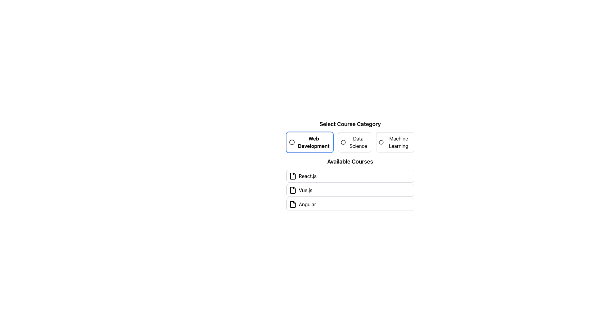 The image size is (590, 332). Describe the element at coordinates (292, 176) in the screenshot. I see `the document icon located to the left of the 'React.js' label in the first entry of the 'Available Courses' section` at that location.